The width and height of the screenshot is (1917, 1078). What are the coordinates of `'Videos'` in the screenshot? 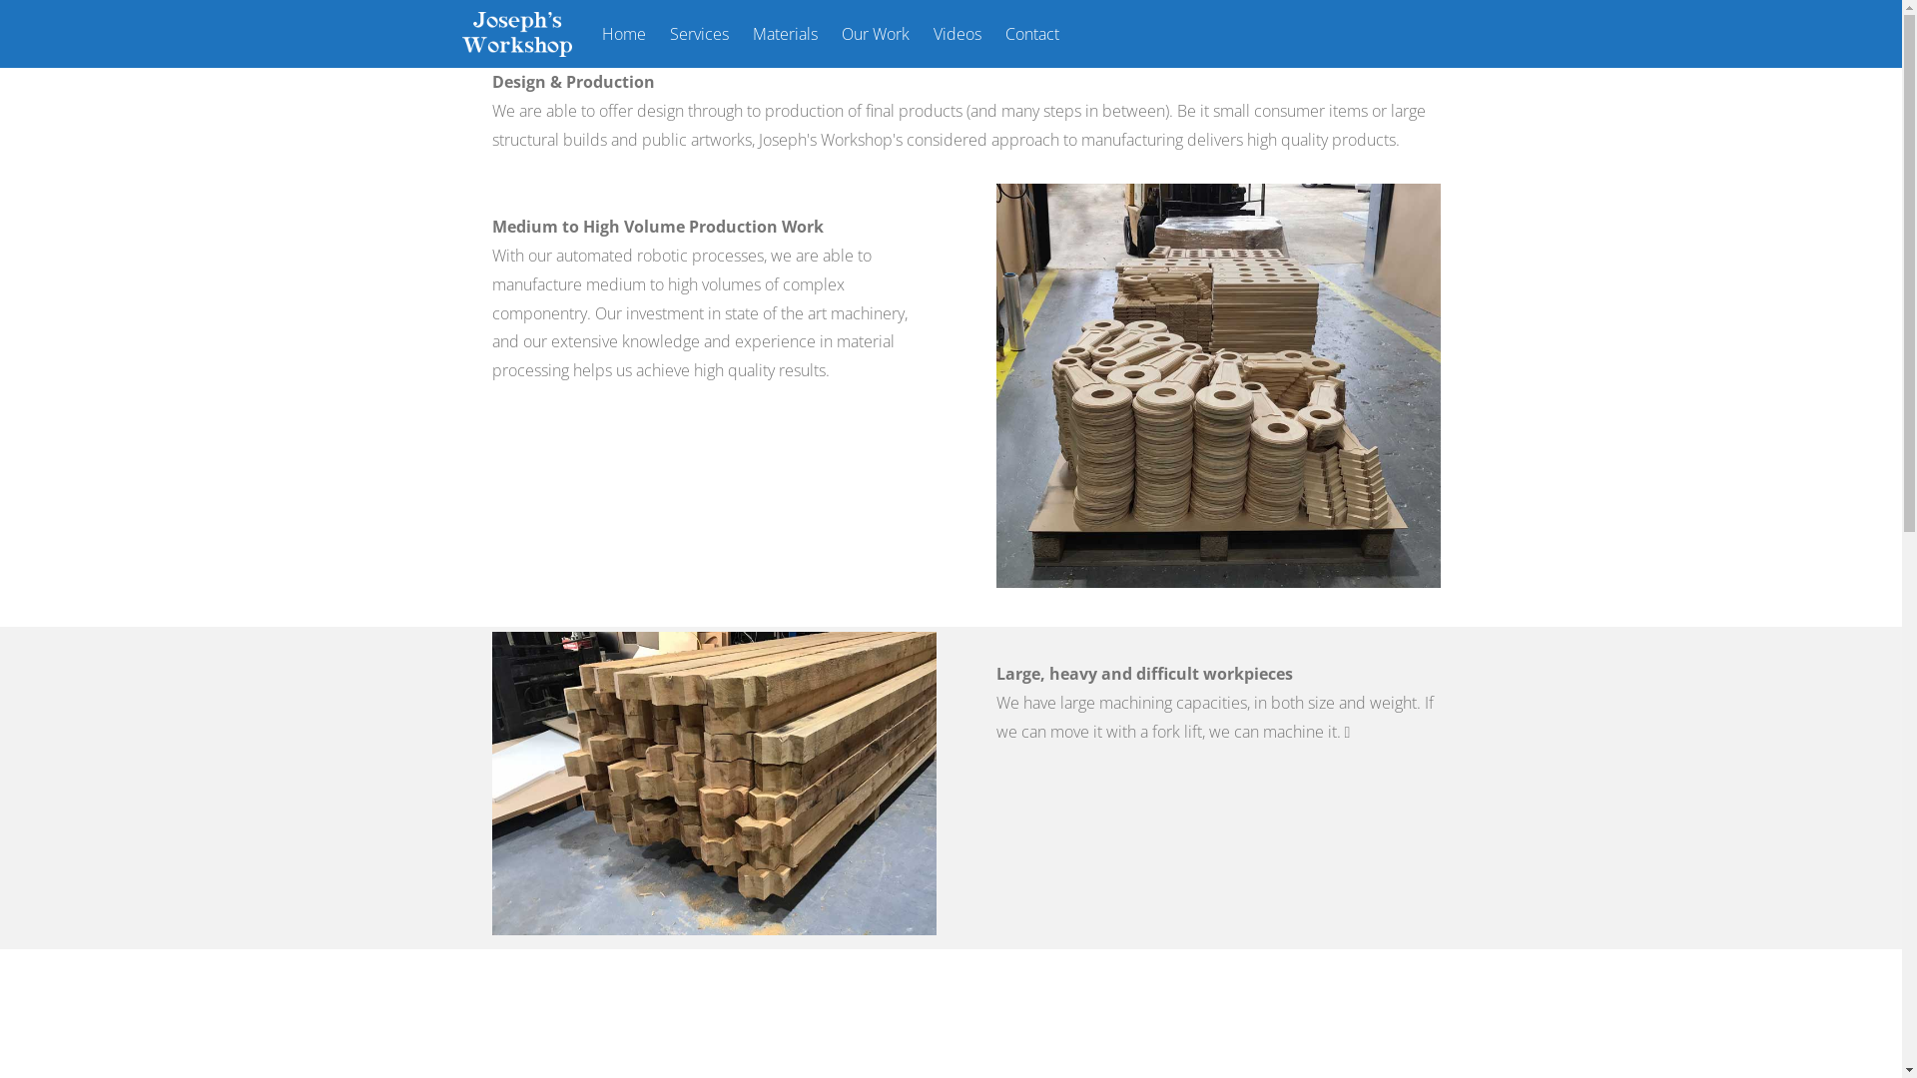 It's located at (957, 34).